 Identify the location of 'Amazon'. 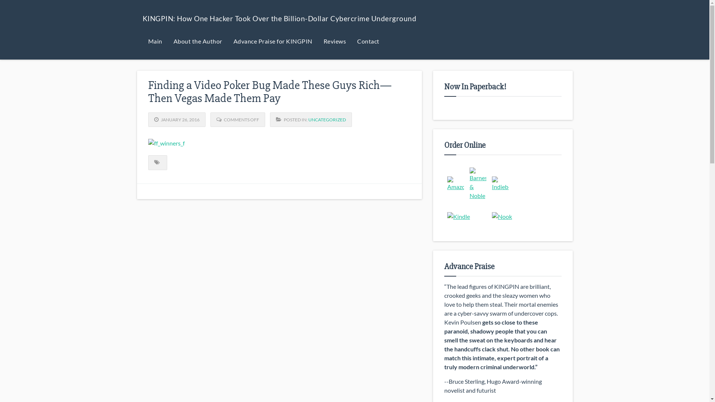
(455, 184).